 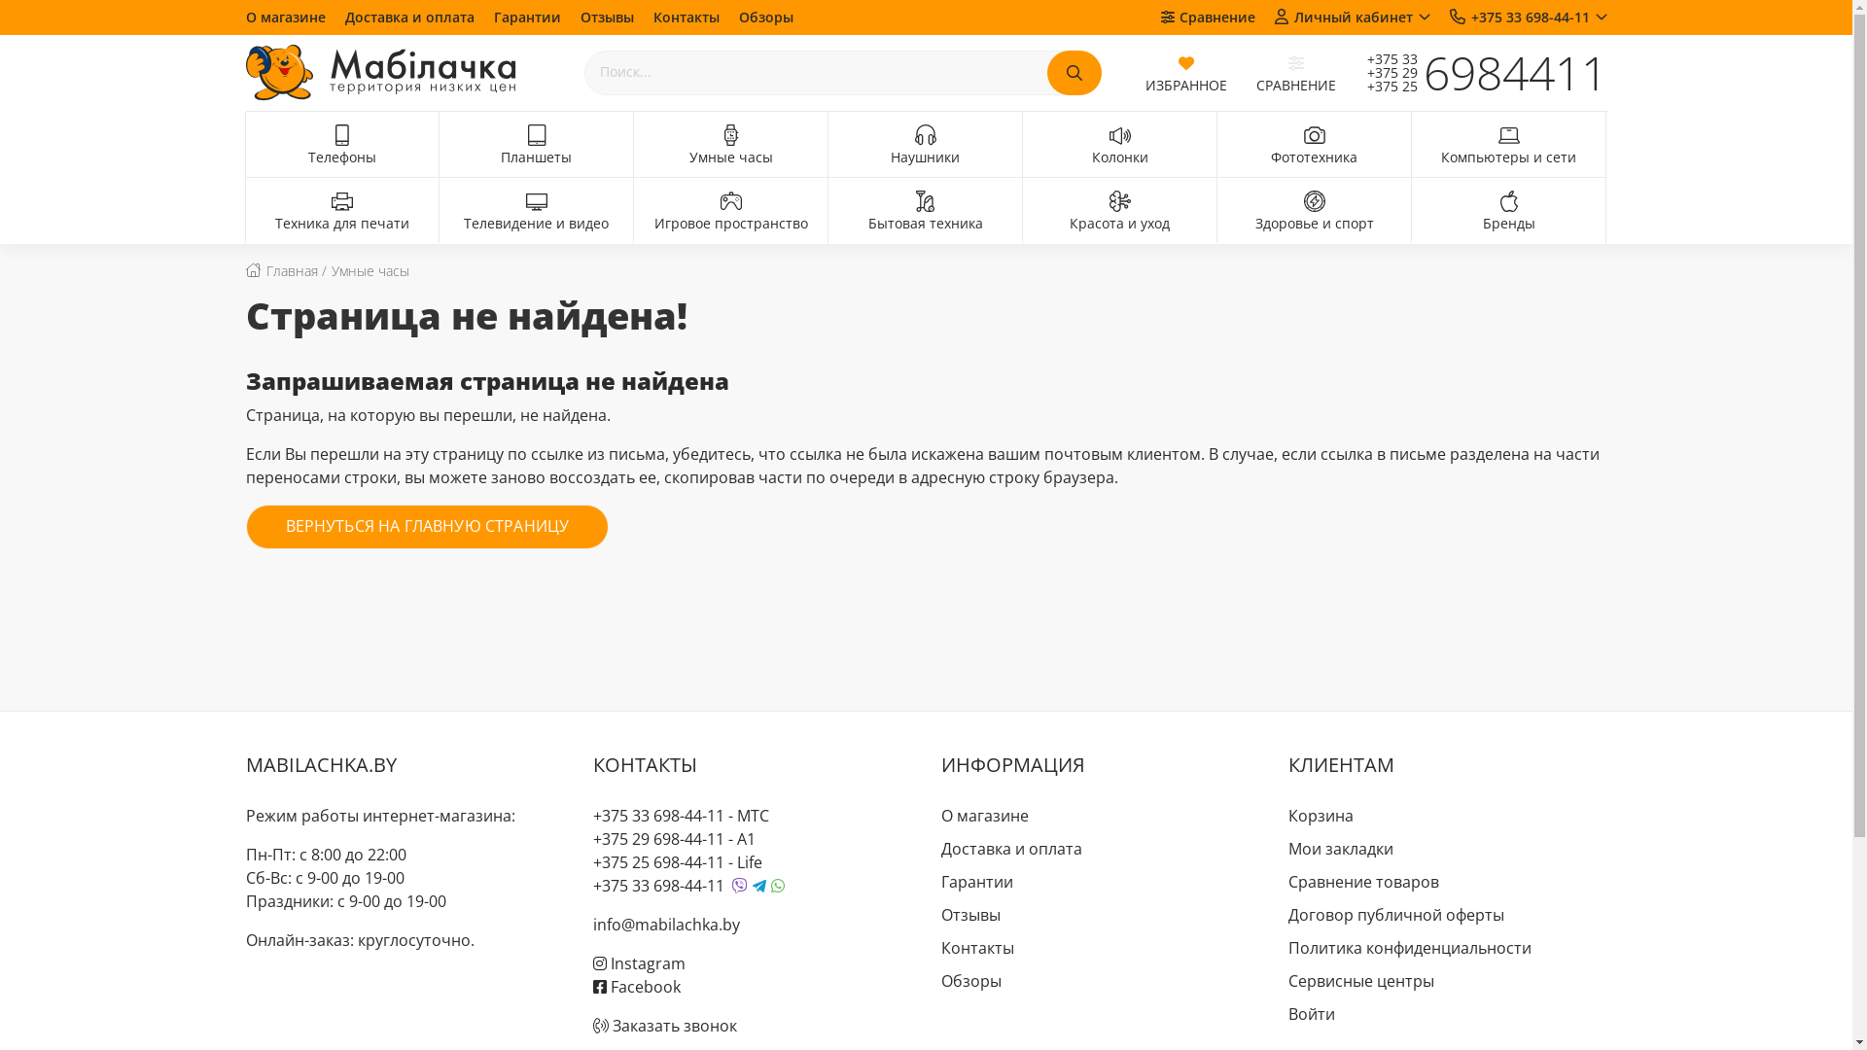 I want to click on '+375 29 698-44-11', so click(x=658, y=838).